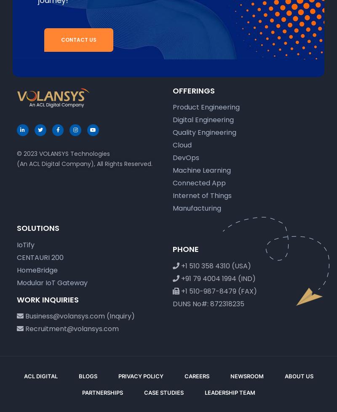 Image resolution: width=337 pixels, height=412 pixels. I want to click on 'DUNS No#: 872318235', so click(208, 303).